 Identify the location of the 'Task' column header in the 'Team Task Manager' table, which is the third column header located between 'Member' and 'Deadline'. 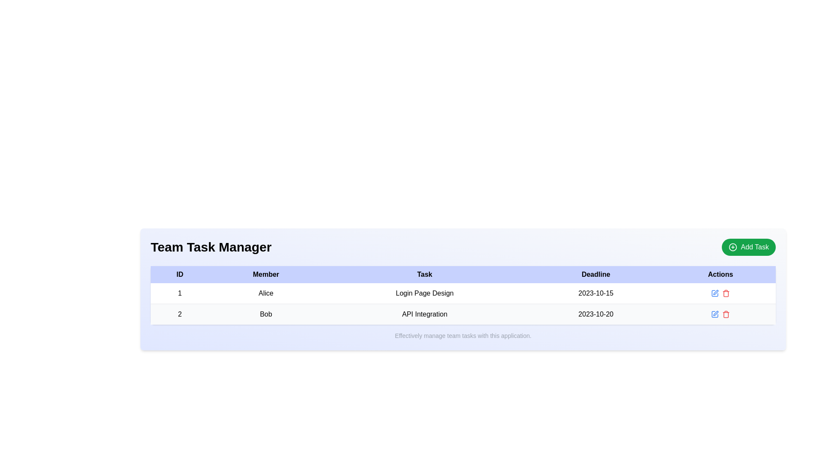
(425, 274).